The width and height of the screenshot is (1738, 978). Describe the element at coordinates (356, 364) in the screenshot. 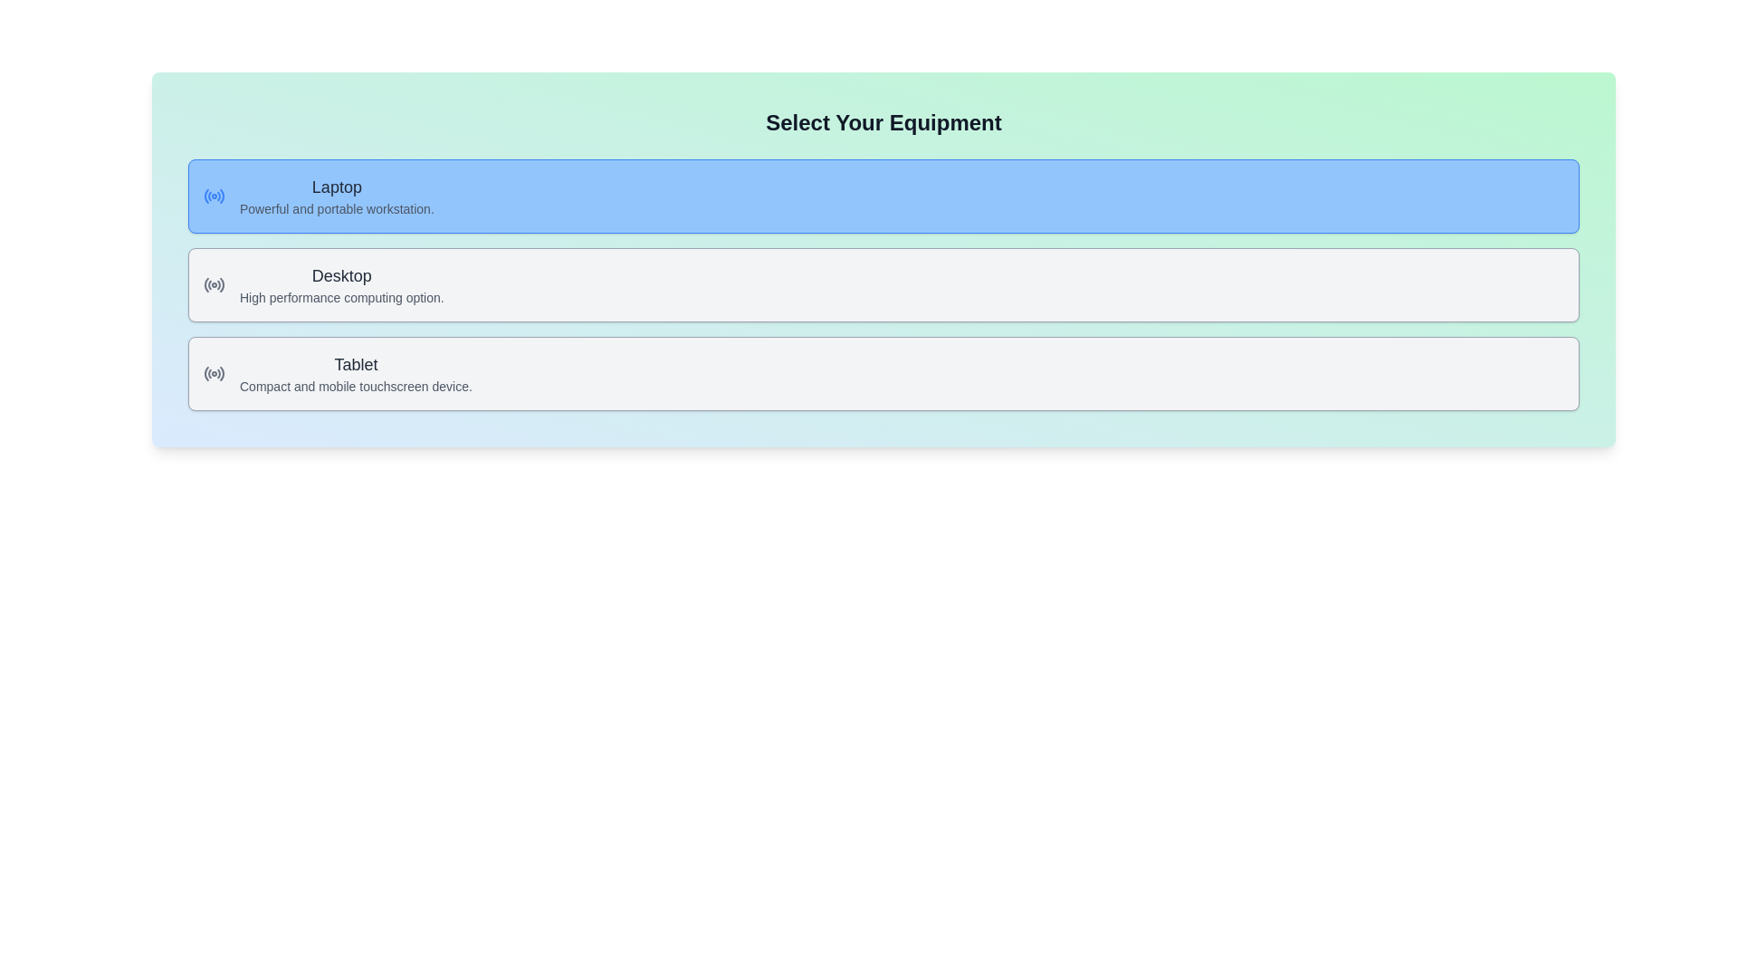

I see `the text label for the third equipment option, which serves as its title, located above the descriptive text 'Compact and mobile touchscreen device.'` at that location.